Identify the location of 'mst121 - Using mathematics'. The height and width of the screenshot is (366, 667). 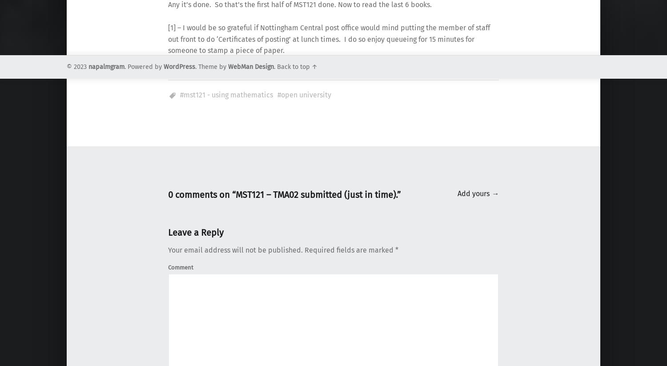
(228, 95).